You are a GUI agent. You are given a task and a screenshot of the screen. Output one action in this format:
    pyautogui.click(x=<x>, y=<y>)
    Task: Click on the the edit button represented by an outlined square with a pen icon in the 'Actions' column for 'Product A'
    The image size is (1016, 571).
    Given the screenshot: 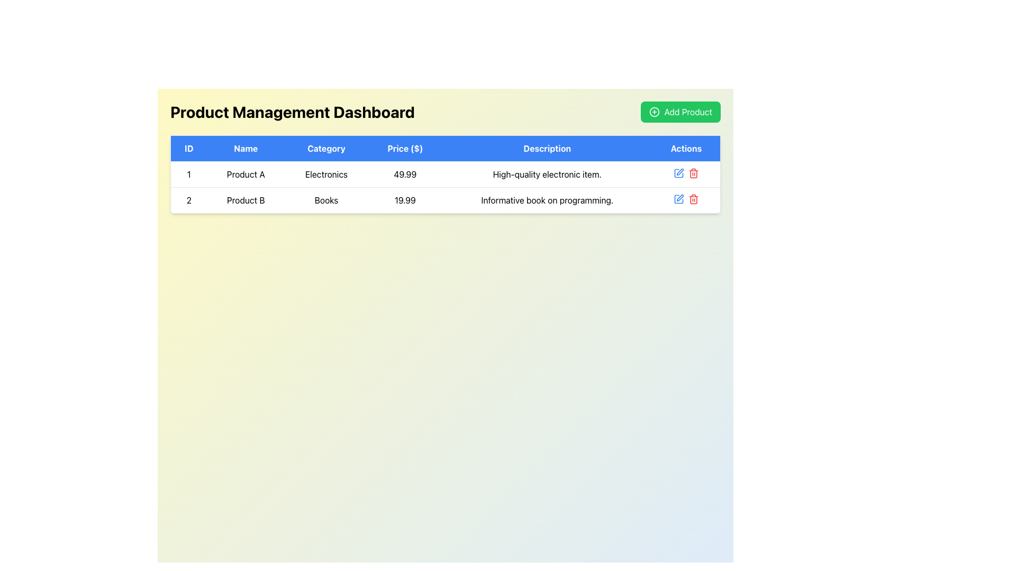 What is the action you would take?
    pyautogui.click(x=680, y=171)
    